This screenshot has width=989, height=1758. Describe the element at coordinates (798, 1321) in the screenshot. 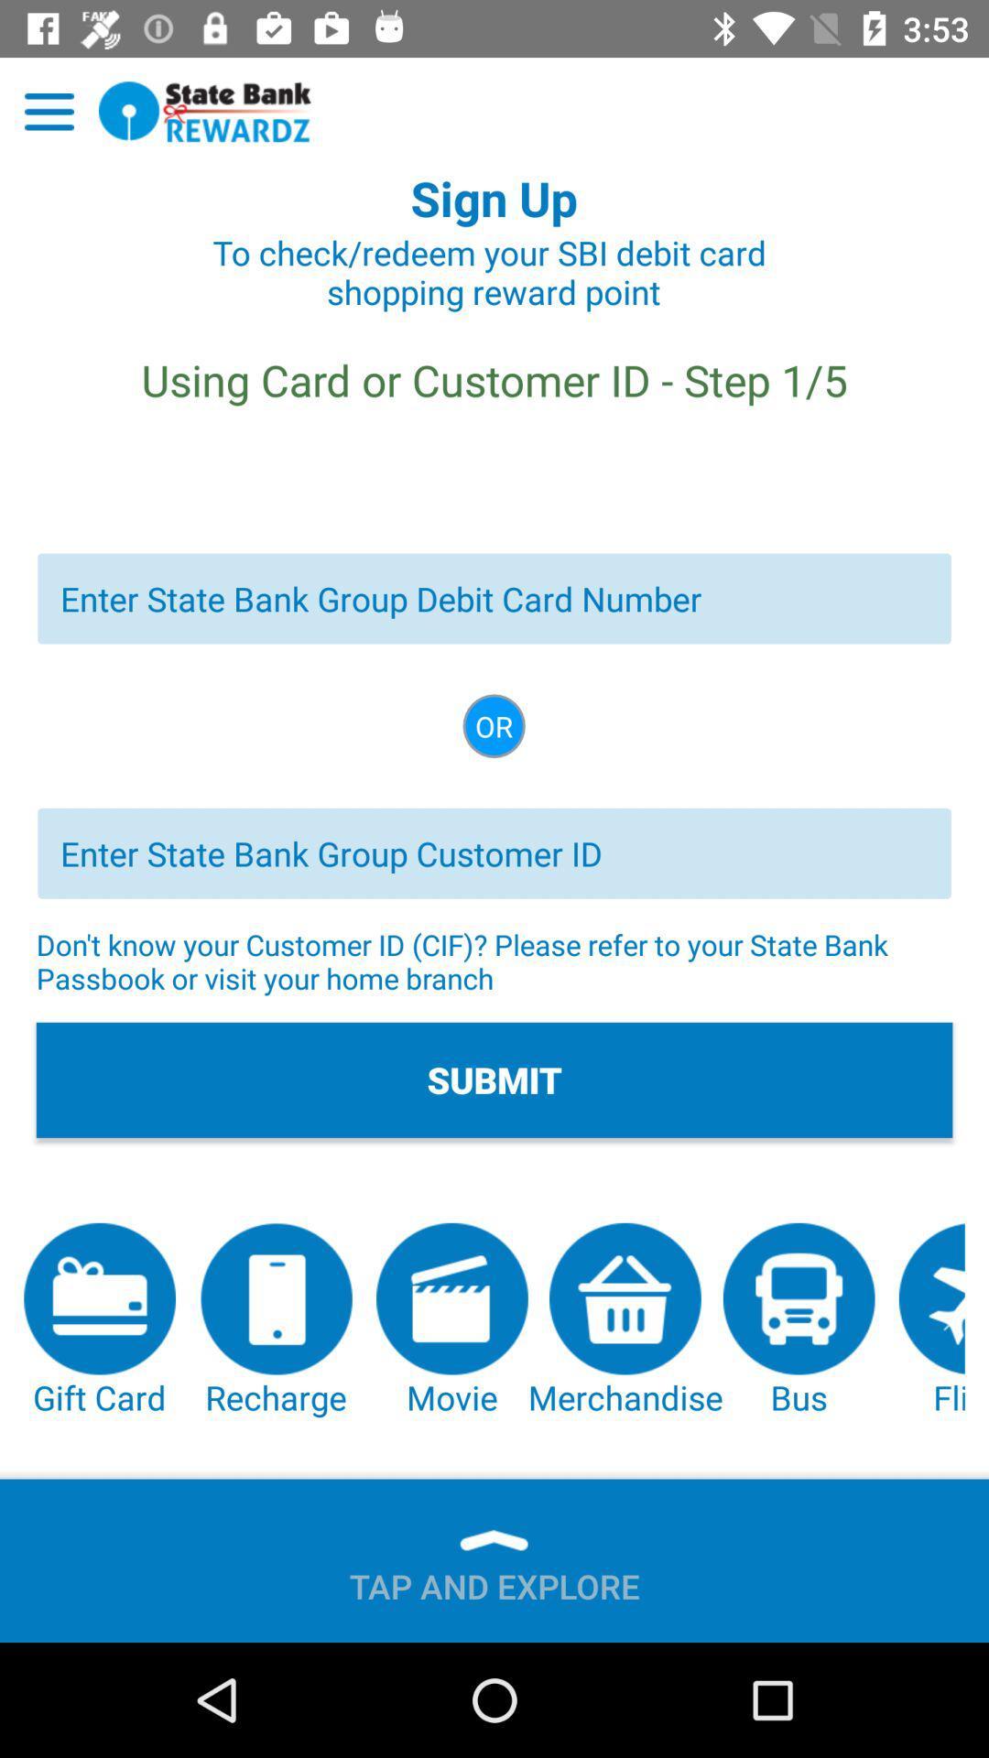

I see `the icon next to flight` at that location.